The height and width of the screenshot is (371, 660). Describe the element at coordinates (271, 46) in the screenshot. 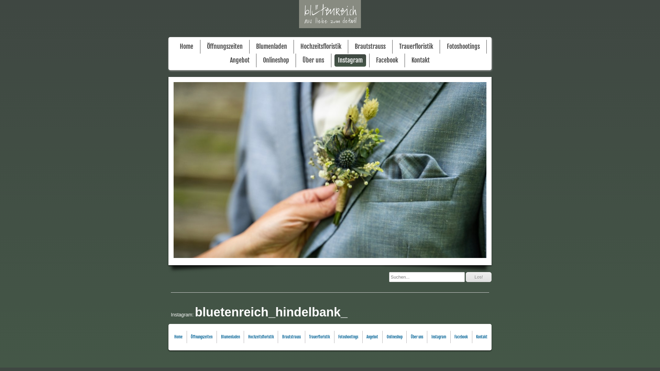

I see `'Blumenladen'` at that location.